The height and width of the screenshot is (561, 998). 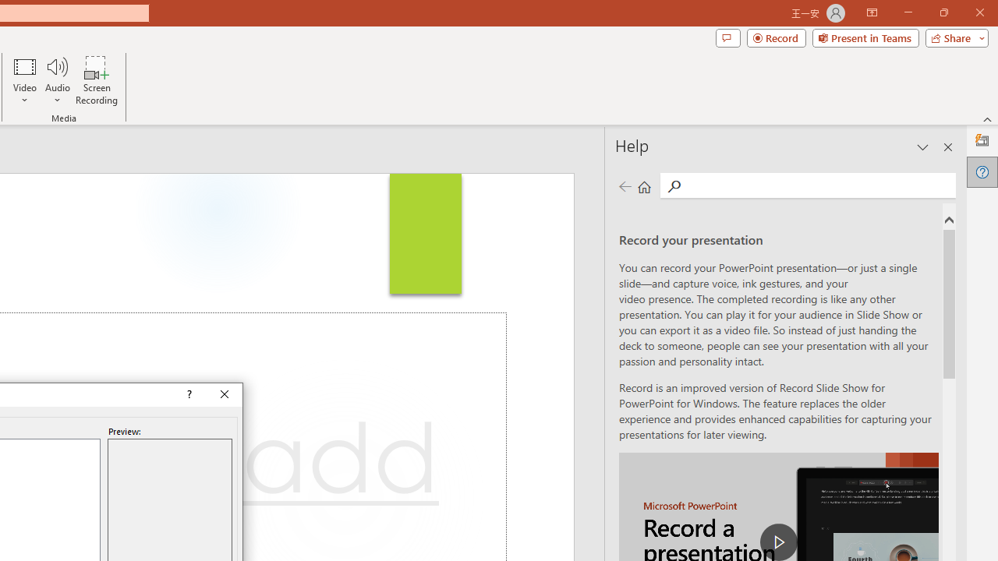 What do you see at coordinates (982, 141) in the screenshot?
I see `'Designer'` at bounding box center [982, 141].